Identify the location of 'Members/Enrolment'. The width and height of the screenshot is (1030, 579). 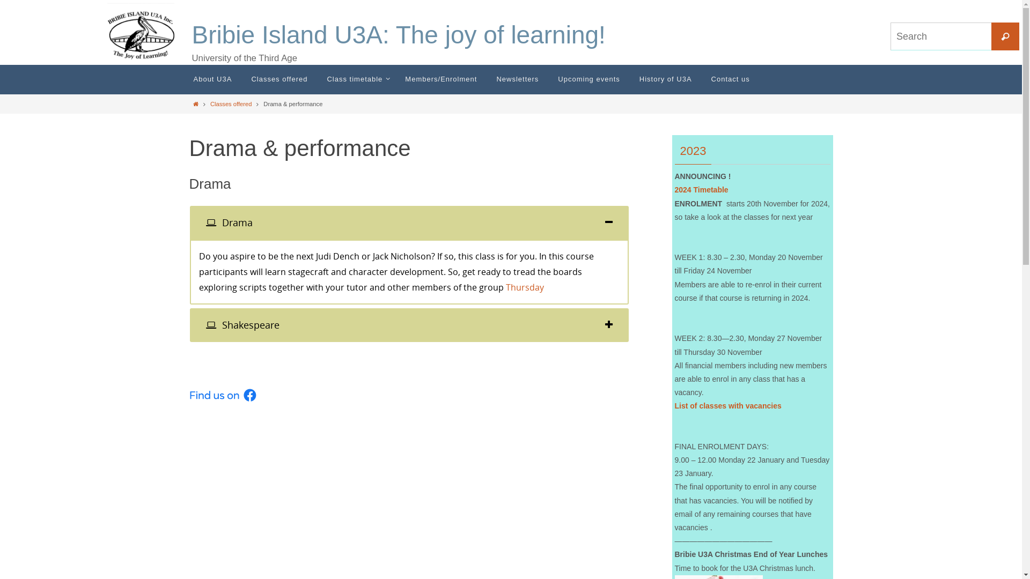
(440, 79).